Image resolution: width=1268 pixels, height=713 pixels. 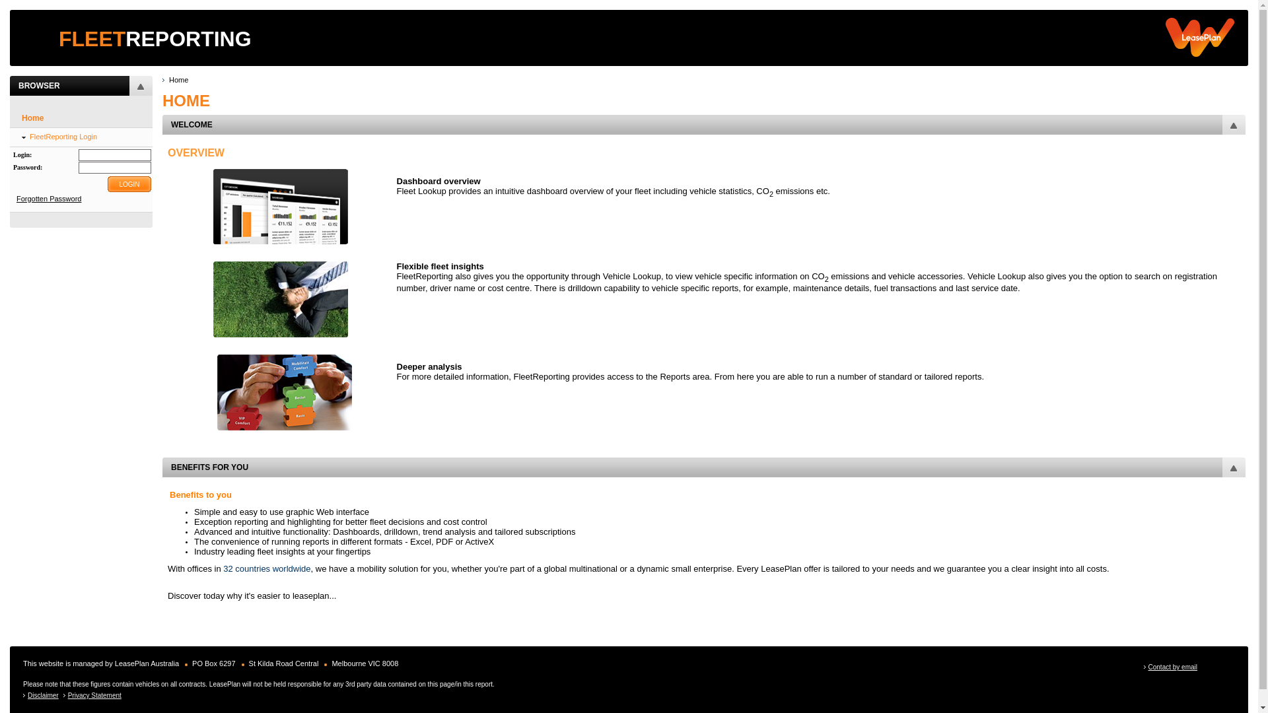 What do you see at coordinates (48, 198) in the screenshot?
I see `'Forgotten Password'` at bounding box center [48, 198].